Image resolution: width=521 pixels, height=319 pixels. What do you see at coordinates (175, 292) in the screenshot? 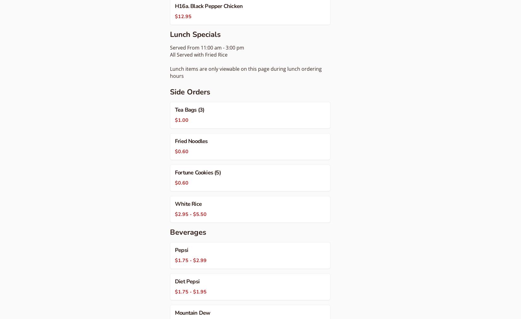
I see `'$1.75 - $1.95'` at bounding box center [175, 292].